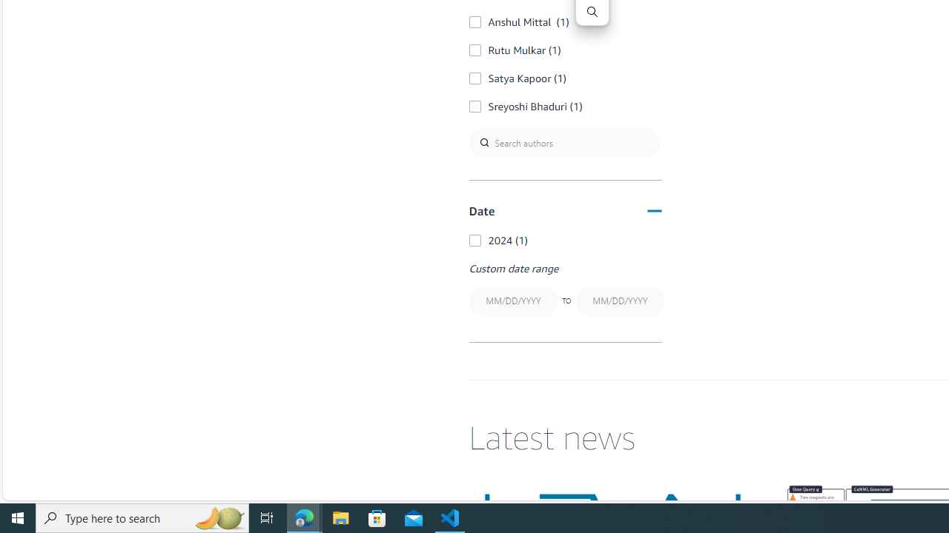 The width and height of the screenshot is (949, 533). What do you see at coordinates (564, 290) in the screenshot?
I see `'Custom date rangeTO'` at bounding box center [564, 290].